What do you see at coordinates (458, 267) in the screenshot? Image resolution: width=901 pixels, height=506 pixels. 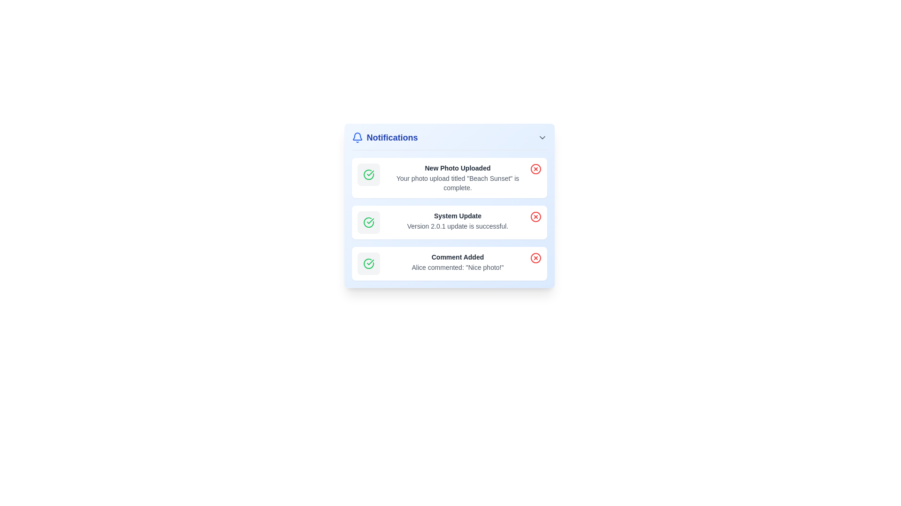 I see `the comment notification left by user Alice, which is located within the third notification in the list, below the bold text 'Comment Added'` at bounding box center [458, 267].